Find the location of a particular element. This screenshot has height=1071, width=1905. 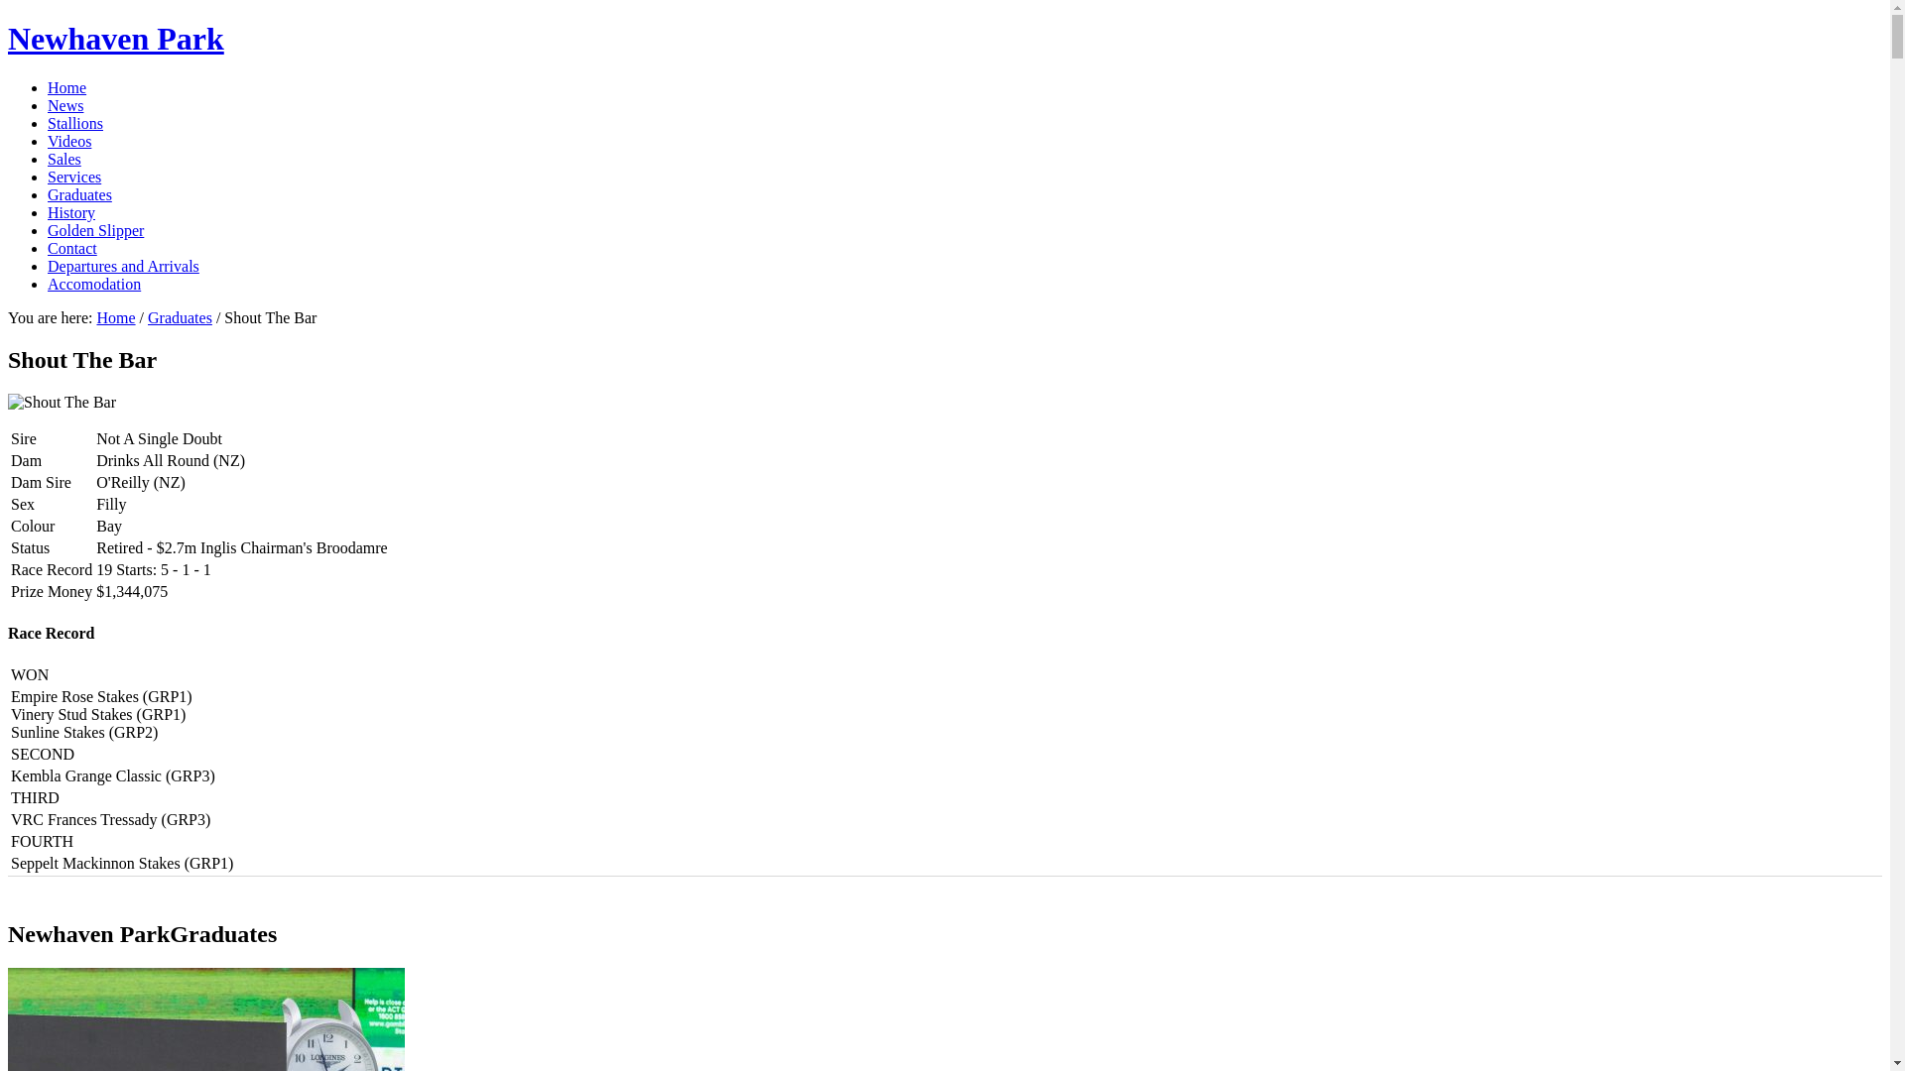

'History' is located at coordinates (71, 212).